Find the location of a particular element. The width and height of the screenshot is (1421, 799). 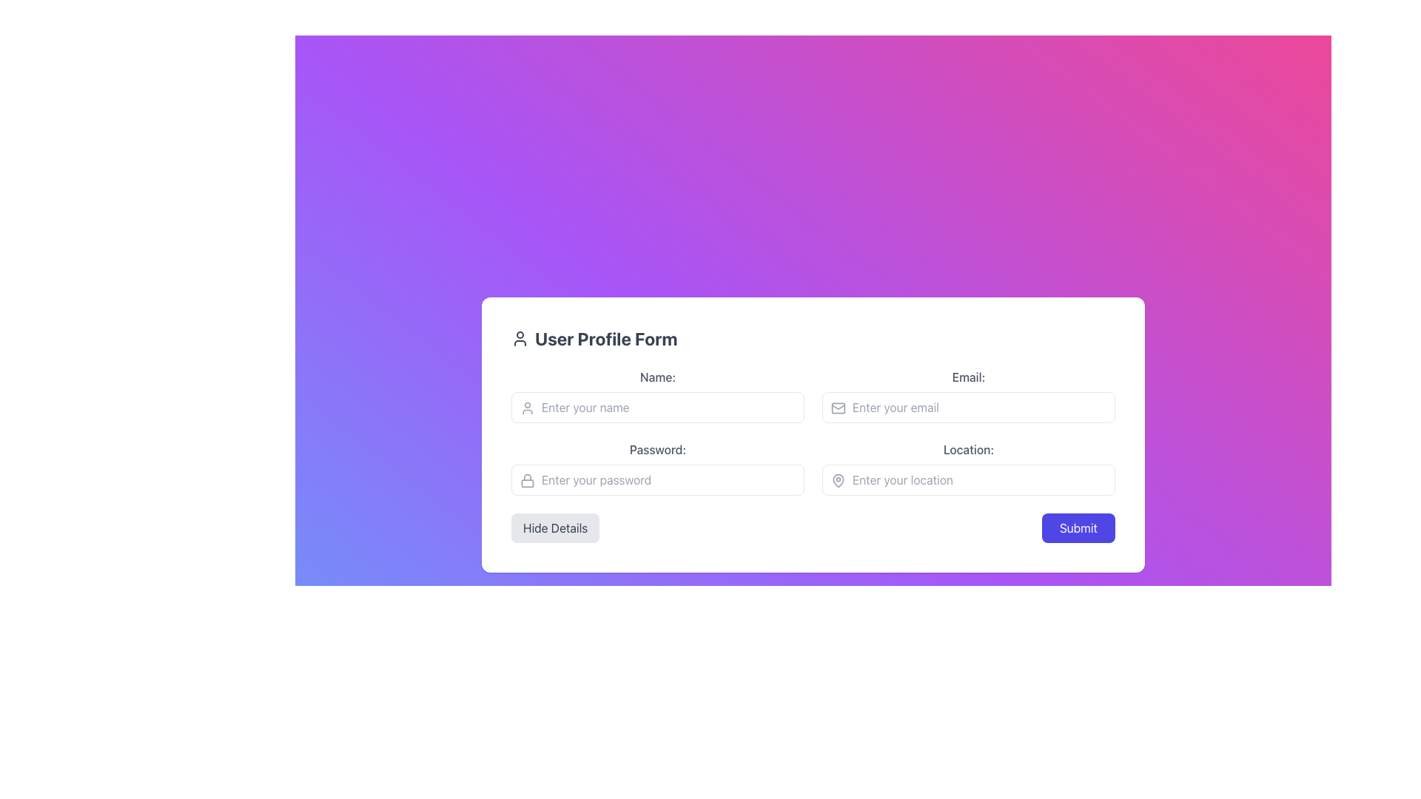

the Text Label that identifies the email input field, which is located in the second row of the left column of the user form interface is located at coordinates (969, 376).